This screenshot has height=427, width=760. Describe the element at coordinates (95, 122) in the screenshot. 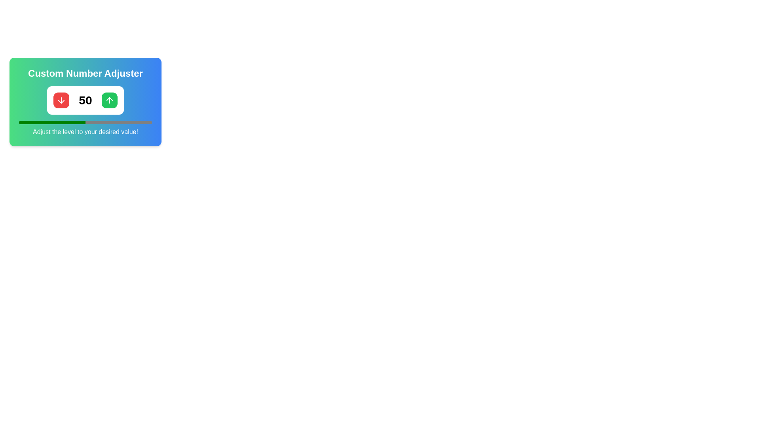

I see `the slider value` at that location.